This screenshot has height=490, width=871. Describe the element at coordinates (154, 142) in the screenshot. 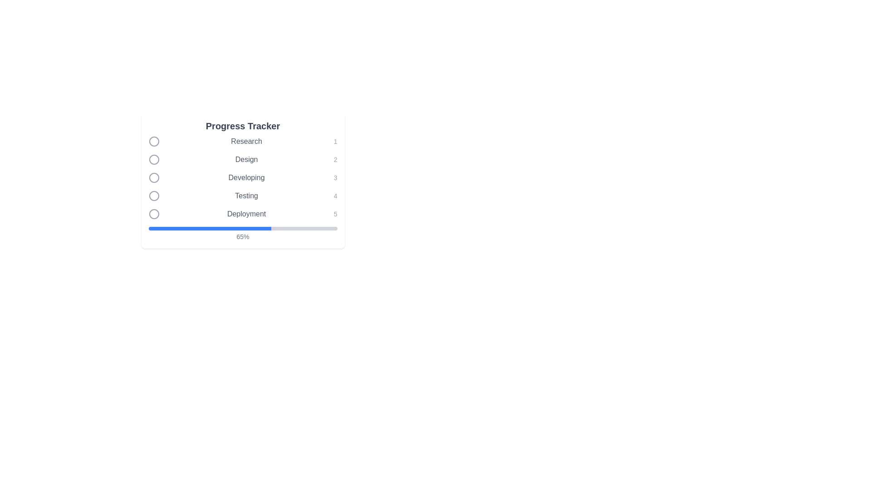

I see `the circular state indicator icon, which is an outlined gray circle located immediately to the left of the 'Research' label and aligned with the numerical indicator '1'` at that location.